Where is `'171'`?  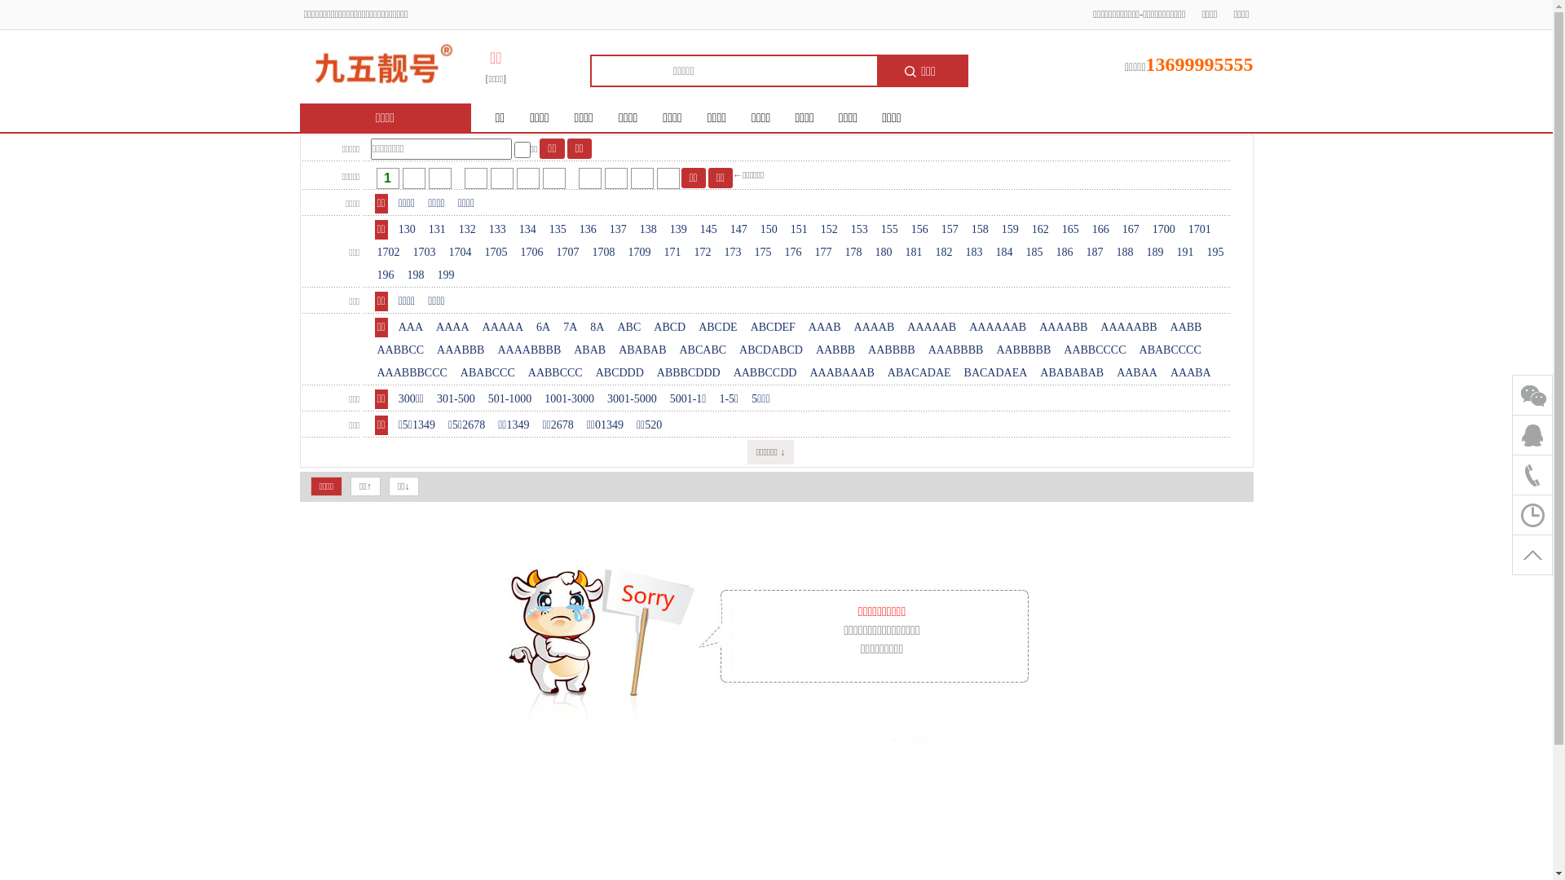 '171' is located at coordinates (672, 252).